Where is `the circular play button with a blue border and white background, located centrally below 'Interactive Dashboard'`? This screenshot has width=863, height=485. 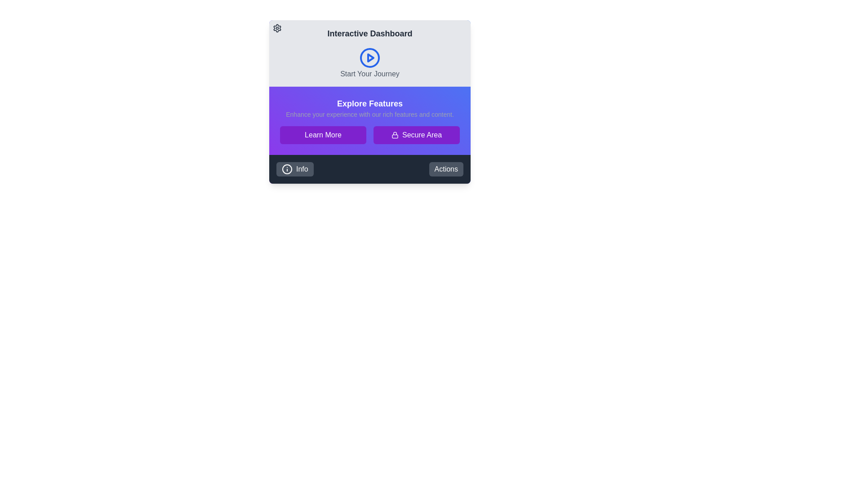 the circular play button with a blue border and white background, located centrally below 'Interactive Dashboard' is located at coordinates (369, 57).